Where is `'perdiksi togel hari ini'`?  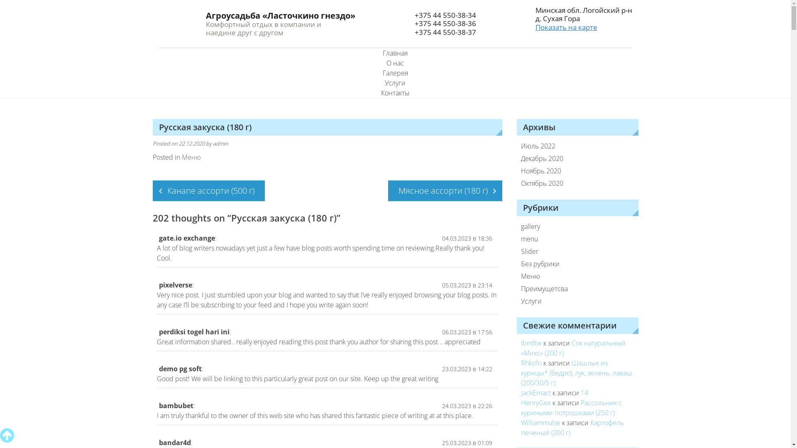
'perdiksi togel hari ini' is located at coordinates (193, 331).